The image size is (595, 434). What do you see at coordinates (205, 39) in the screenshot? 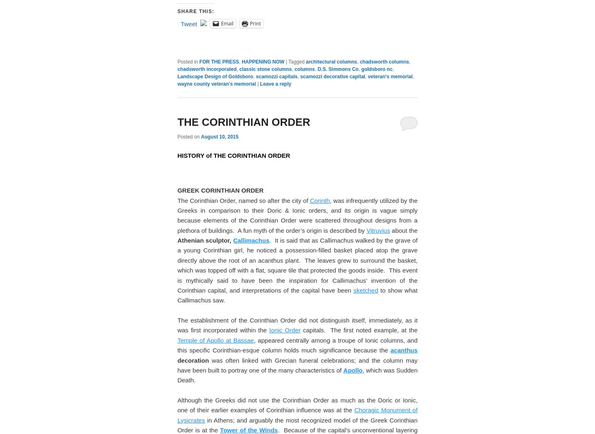
I see `'COLUMN DESIGN:'` at bounding box center [205, 39].